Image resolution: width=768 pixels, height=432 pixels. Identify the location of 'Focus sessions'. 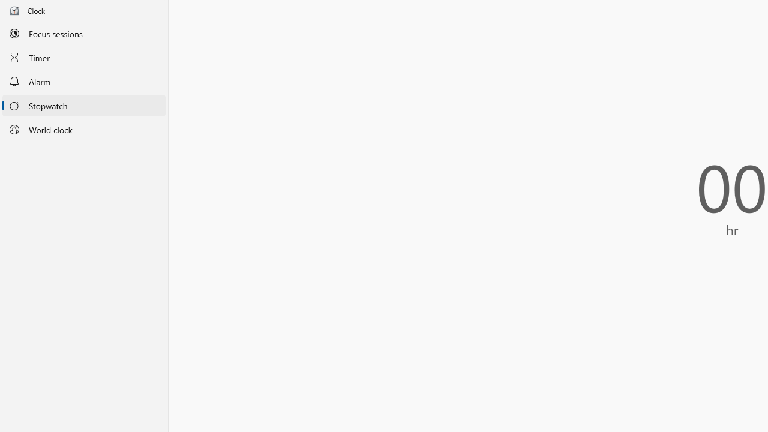
(83, 33).